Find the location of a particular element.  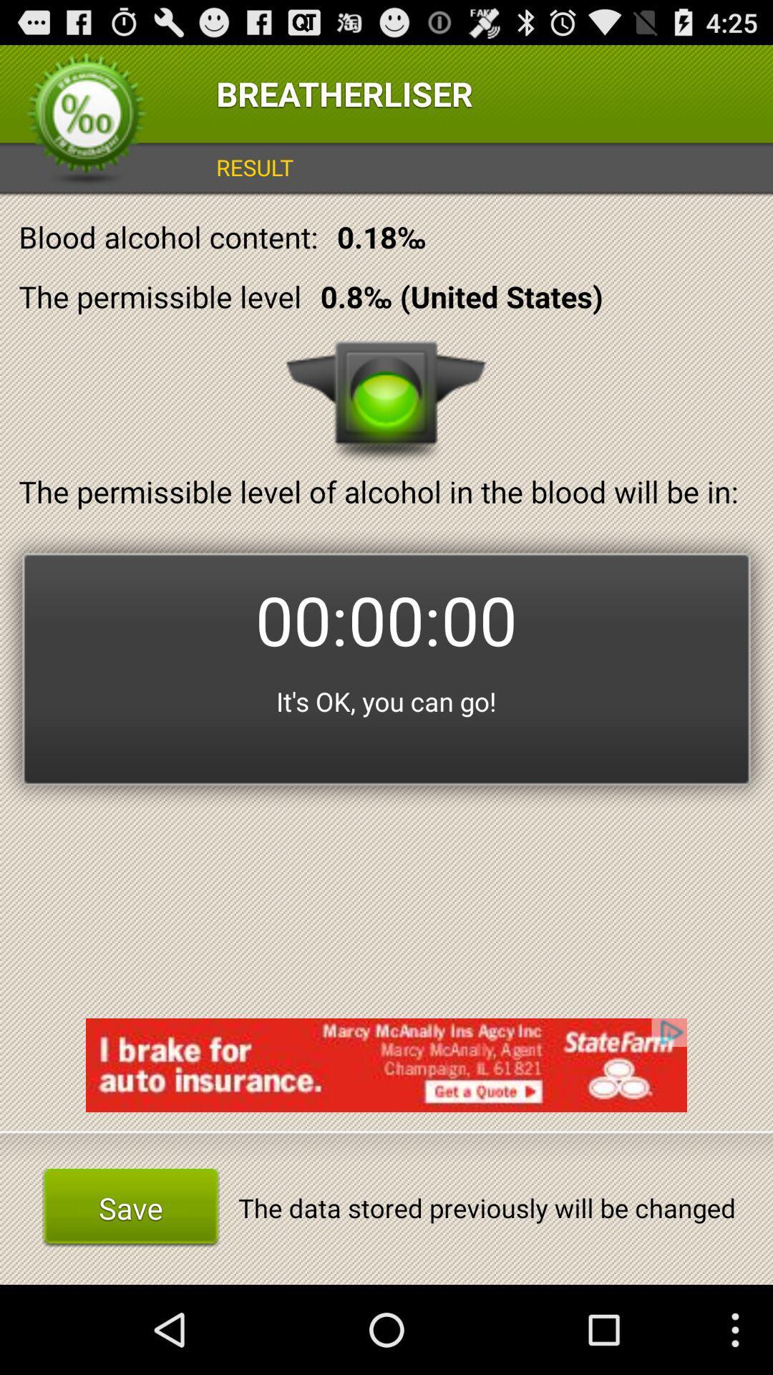

icon above save button is located at coordinates (386, 1065).